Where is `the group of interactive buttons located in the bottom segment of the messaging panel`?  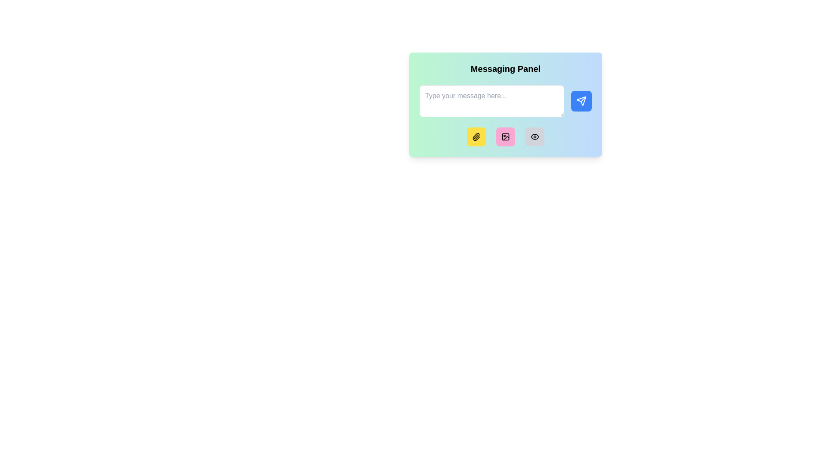
the group of interactive buttons located in the bottom segment of the messaging panel is located at coordinates (506, 136).